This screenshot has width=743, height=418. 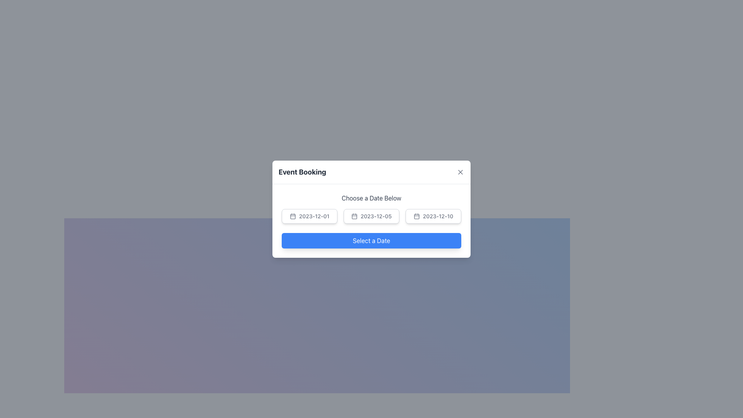 I want to click on the calendar icon located to the left of the date '2023-12-10' within the 'Event Booking' modal interface, so click(x=416, y=216).